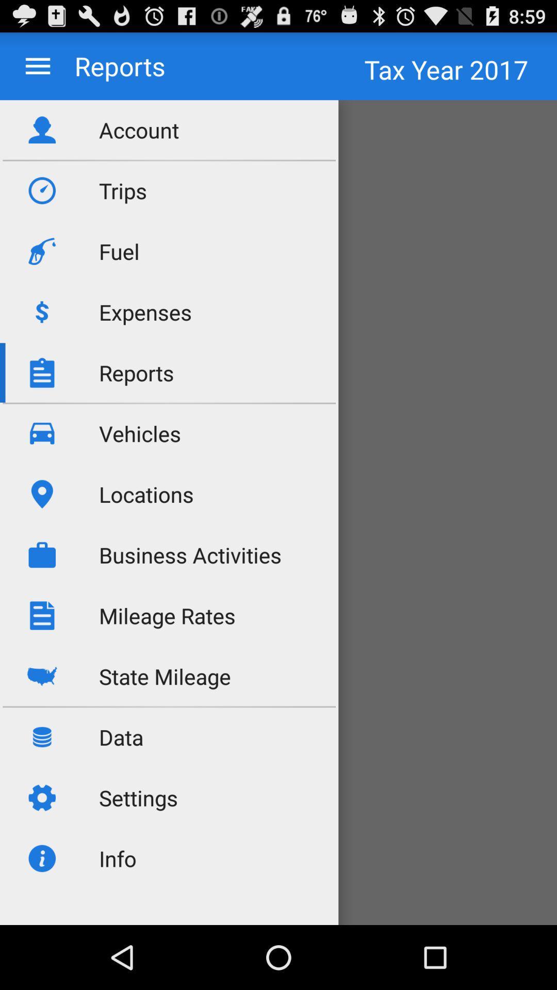  What do you see at coordinates (138, 129) in the screenshot?
I see `account icon` at bounding box center [138, 129].